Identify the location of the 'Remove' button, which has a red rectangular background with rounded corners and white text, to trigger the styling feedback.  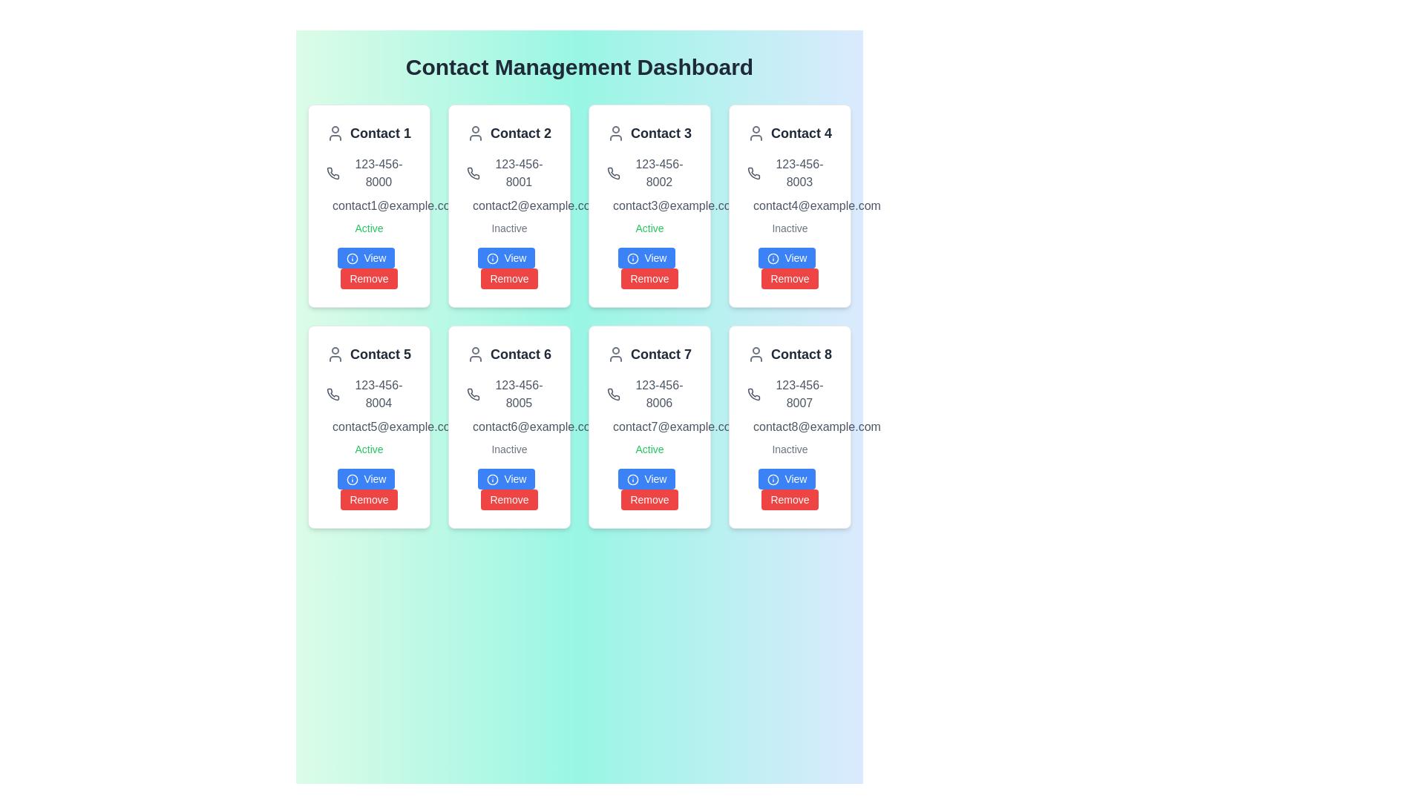
(789, 500).